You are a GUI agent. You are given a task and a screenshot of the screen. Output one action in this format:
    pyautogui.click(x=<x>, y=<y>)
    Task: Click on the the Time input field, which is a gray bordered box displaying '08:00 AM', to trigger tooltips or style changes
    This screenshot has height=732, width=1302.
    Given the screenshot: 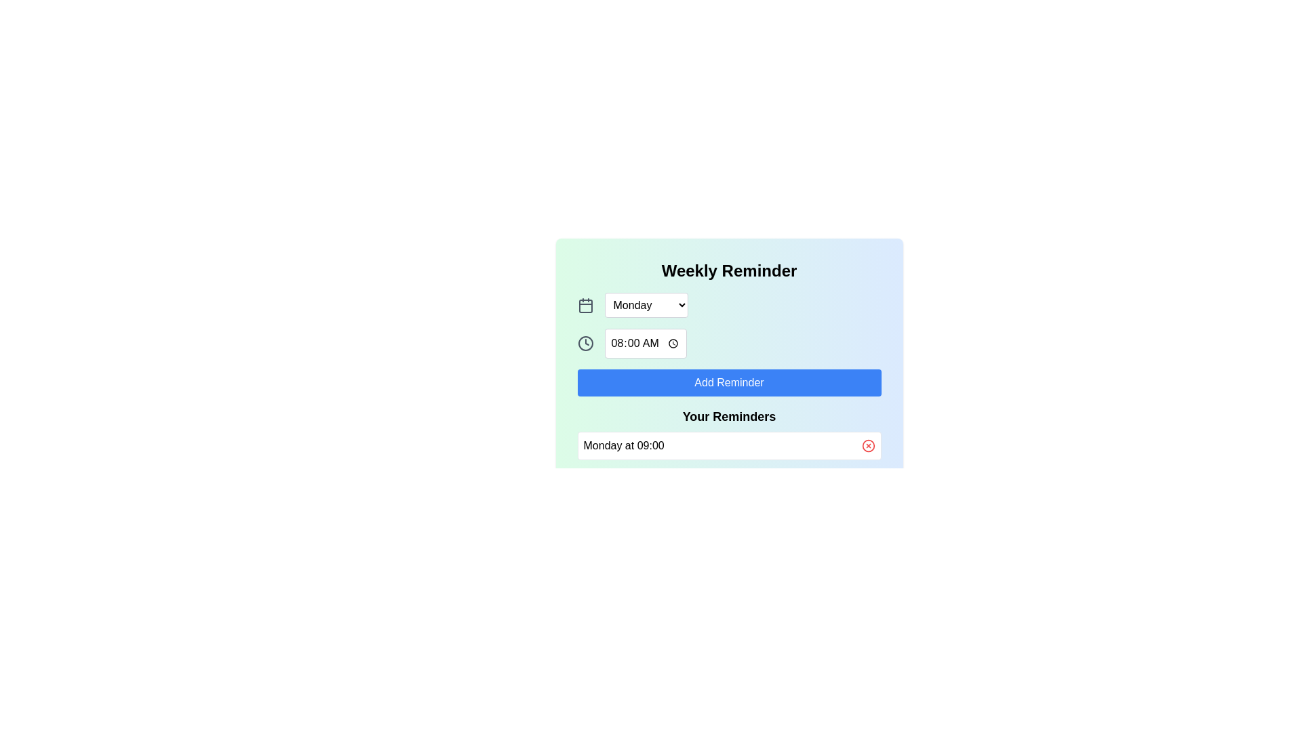 What is the action you would take?
    pyautogui.click(x=645, y=342)
    